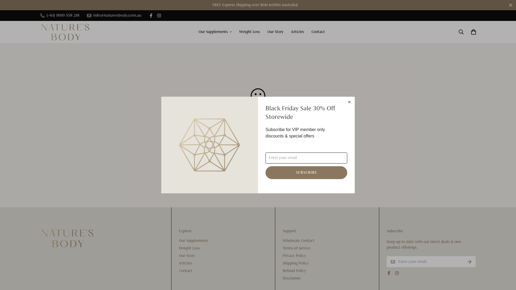 The width and height of the screenshot is (516, 290). What do you see at coordinates (249, 32) in the screenshot?
I see `'Weight Loss'` at bounding box center [249, 32].